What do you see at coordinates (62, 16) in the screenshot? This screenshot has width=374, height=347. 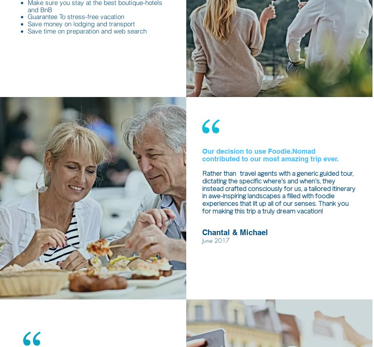 I see `'To'` at bounding box center [62, 16].